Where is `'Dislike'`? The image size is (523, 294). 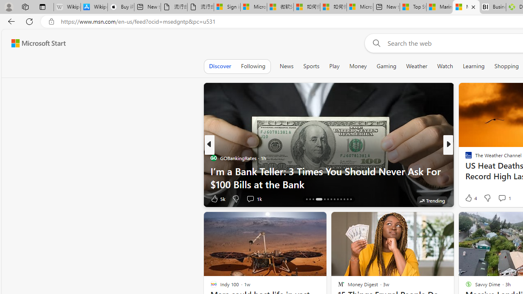
'Dislike' is located at coordinates (487, 198).